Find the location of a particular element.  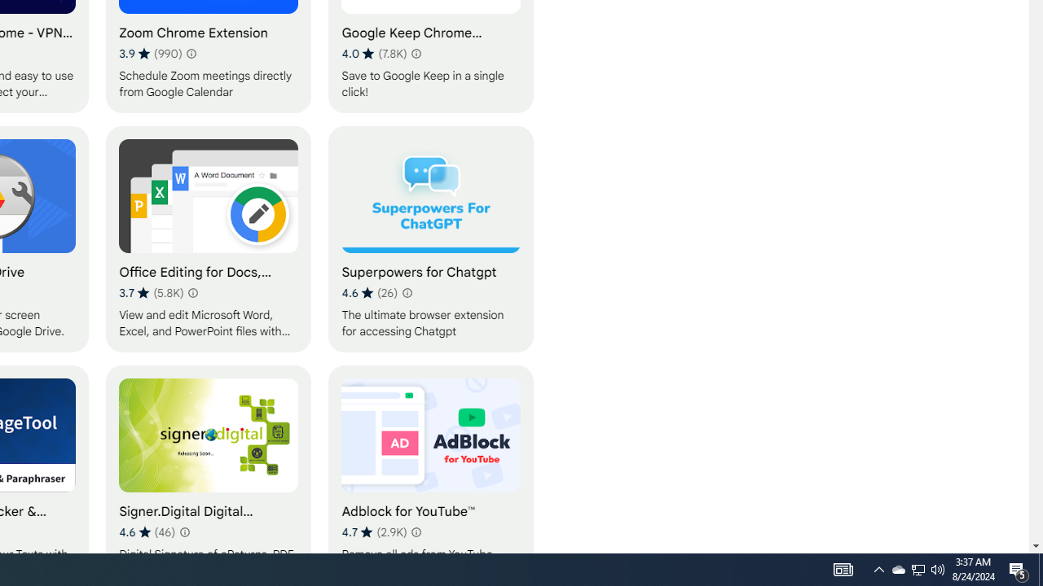

'Average rating 3.9 out of 5 stars. 990 ratings.' is located at coordinates (150, 53).